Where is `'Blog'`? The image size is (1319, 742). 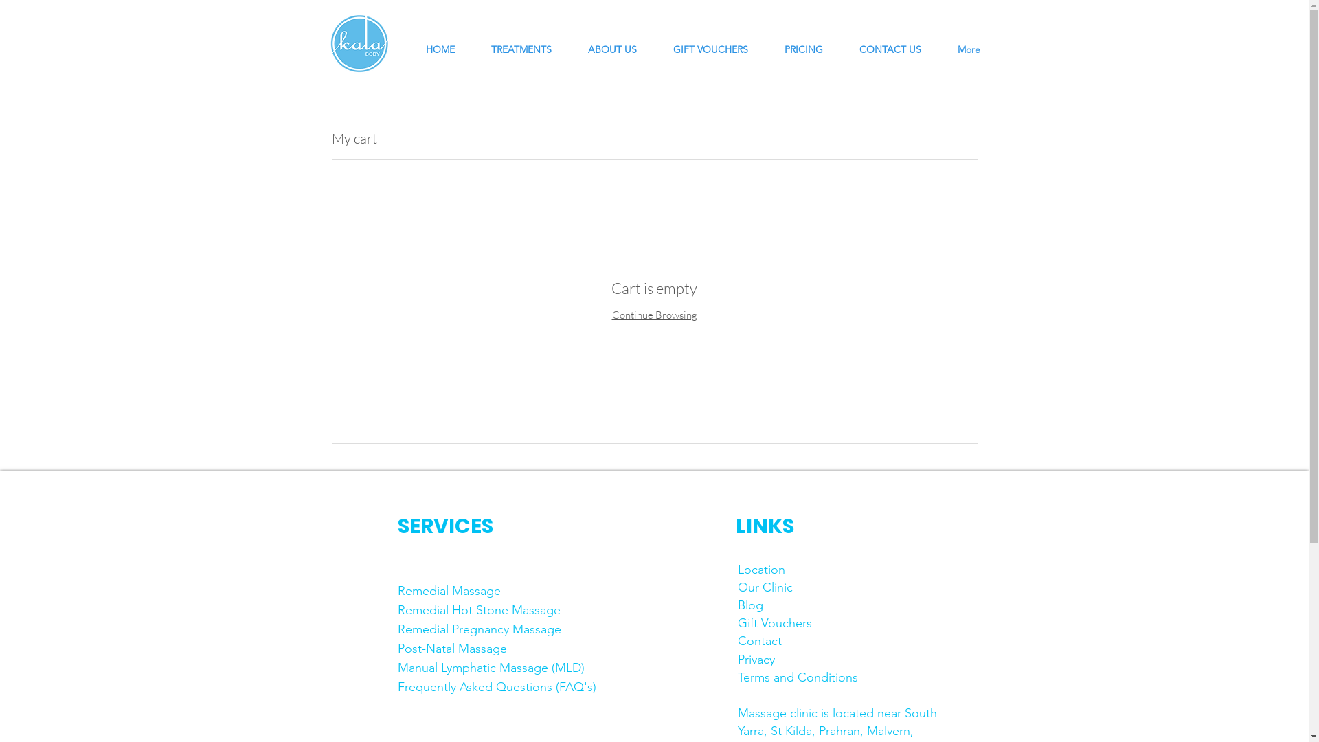 'Blog' is located at coordinates (749, 604).